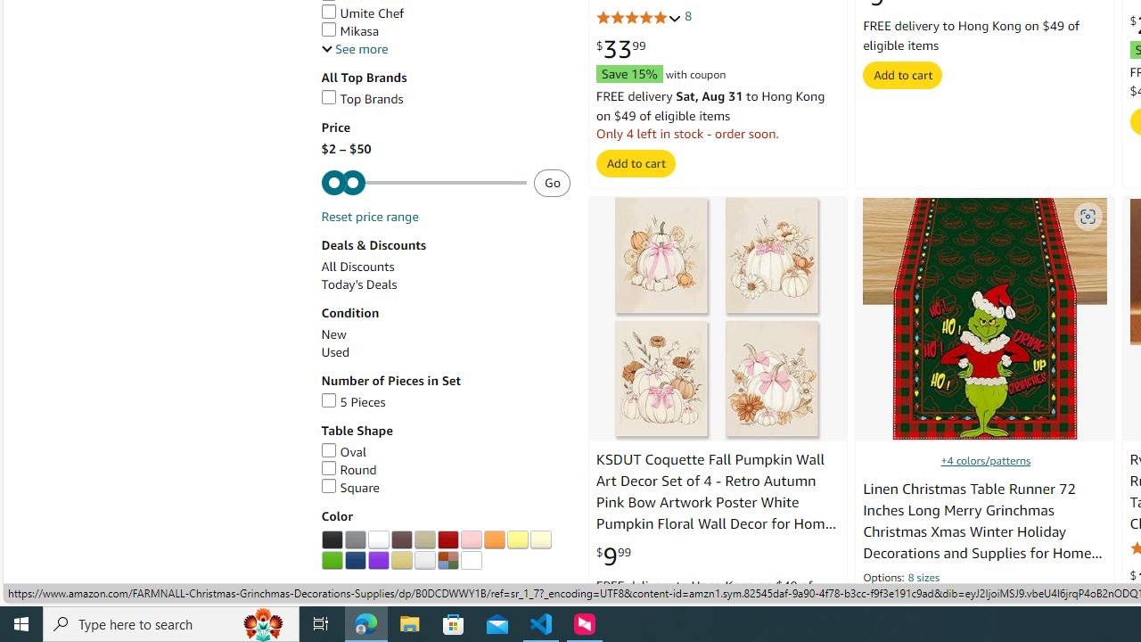  Describe the element at coordinates (423, 183) in the screenshot. I see `'Maximum'` at that location.